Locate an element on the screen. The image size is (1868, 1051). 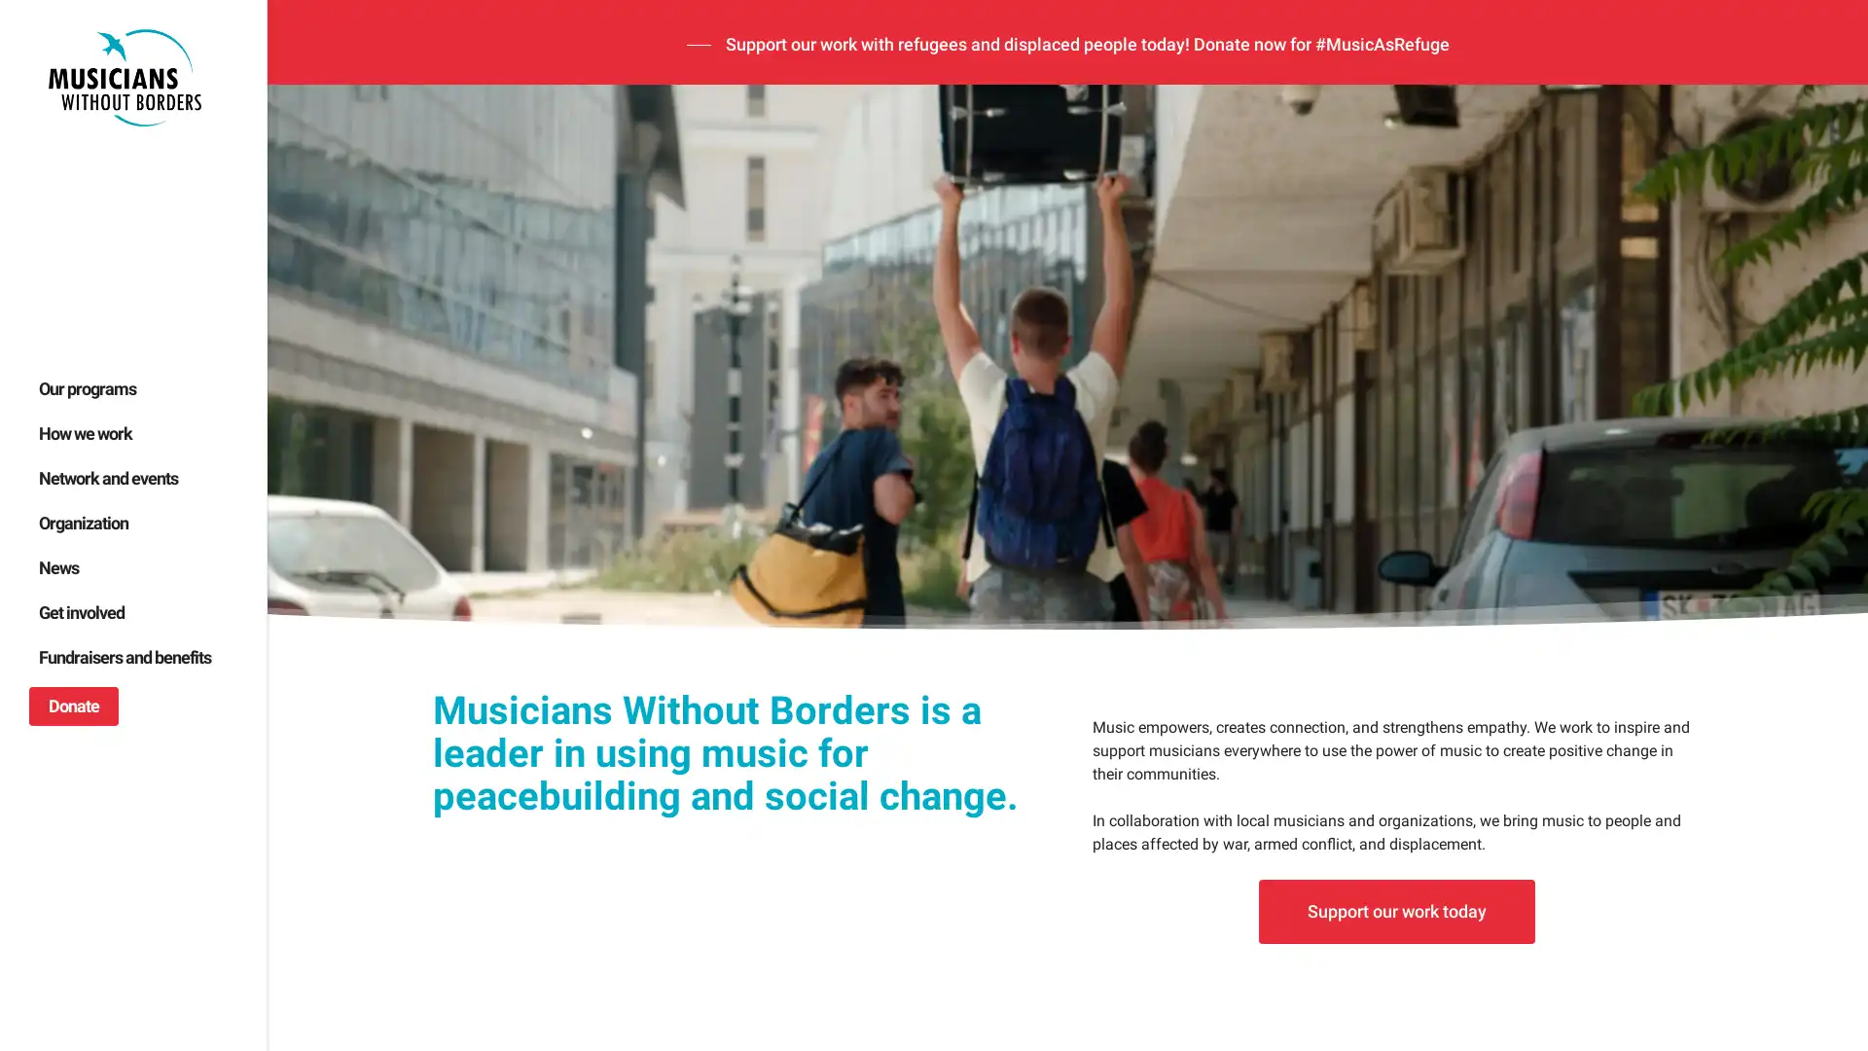
show more media controls is located at coordinates (1820, 771).